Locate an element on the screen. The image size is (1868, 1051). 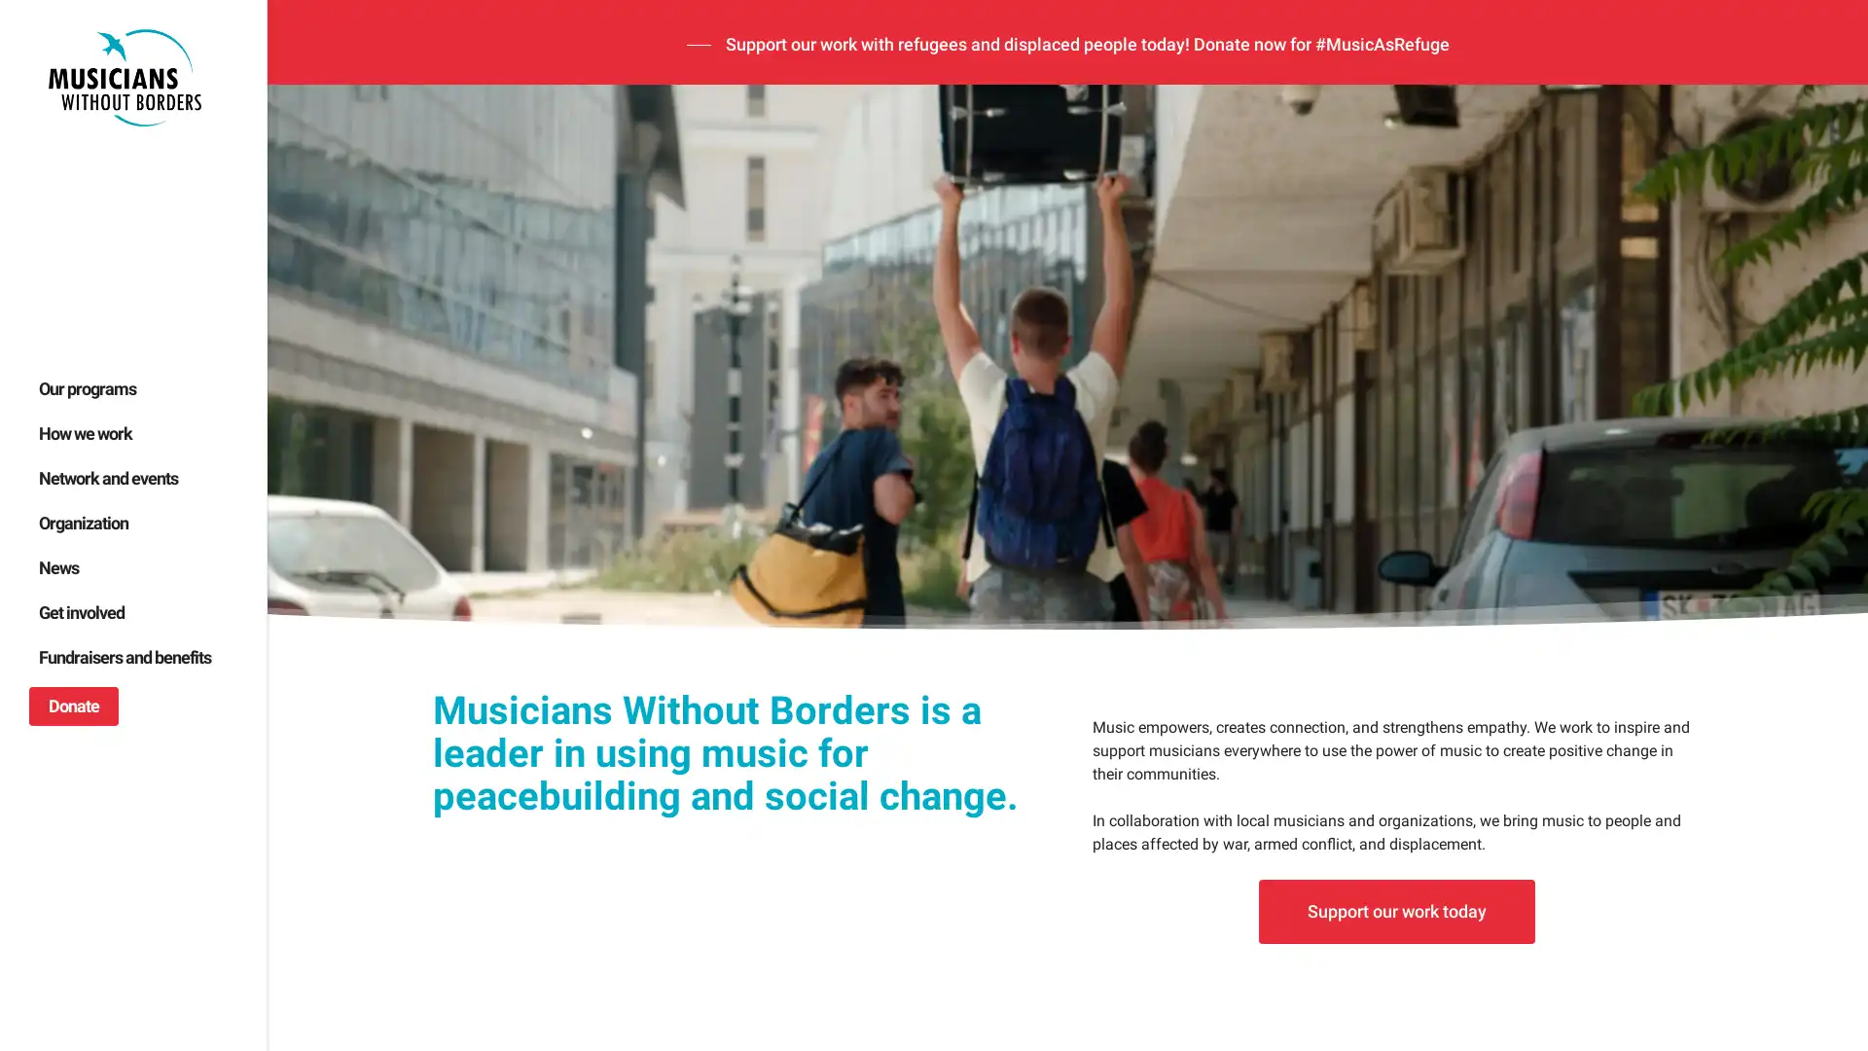
show more media controls is located at coordinates (1820, 771).